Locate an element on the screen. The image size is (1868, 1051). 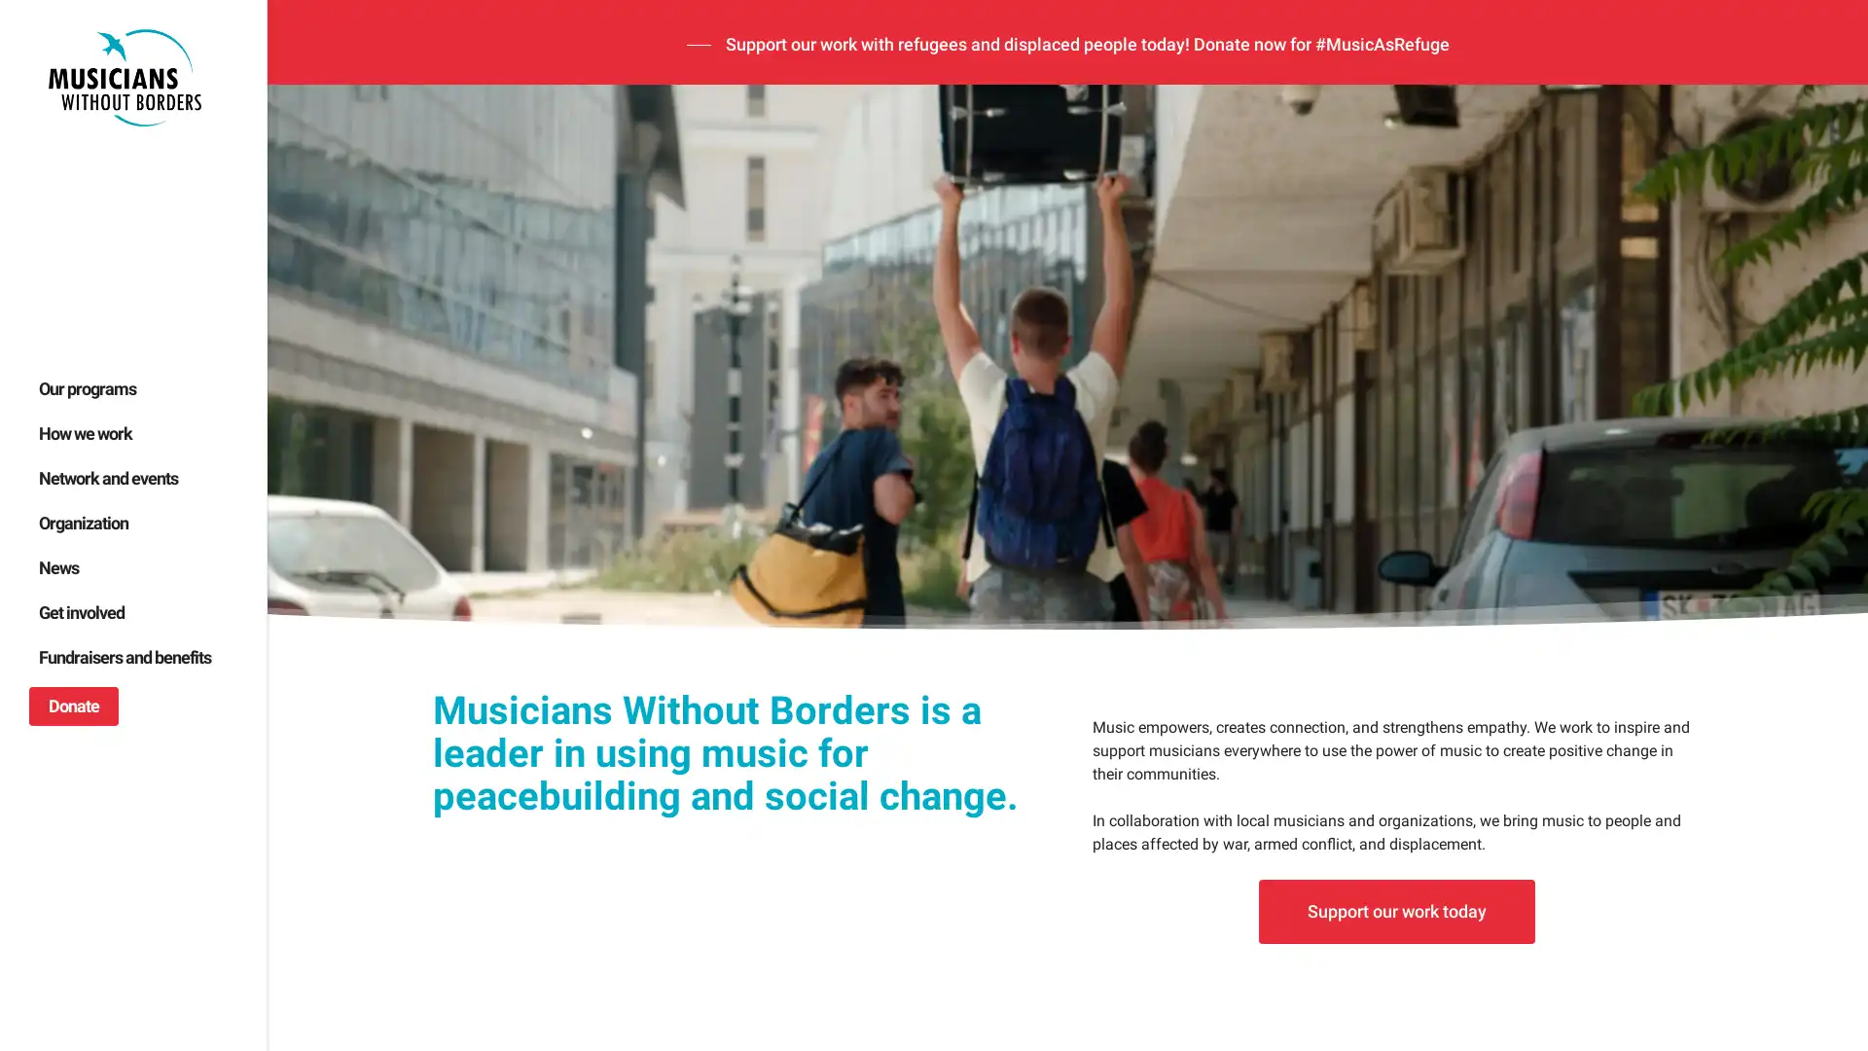
show more media controls is located at coordinates (1820, 771).